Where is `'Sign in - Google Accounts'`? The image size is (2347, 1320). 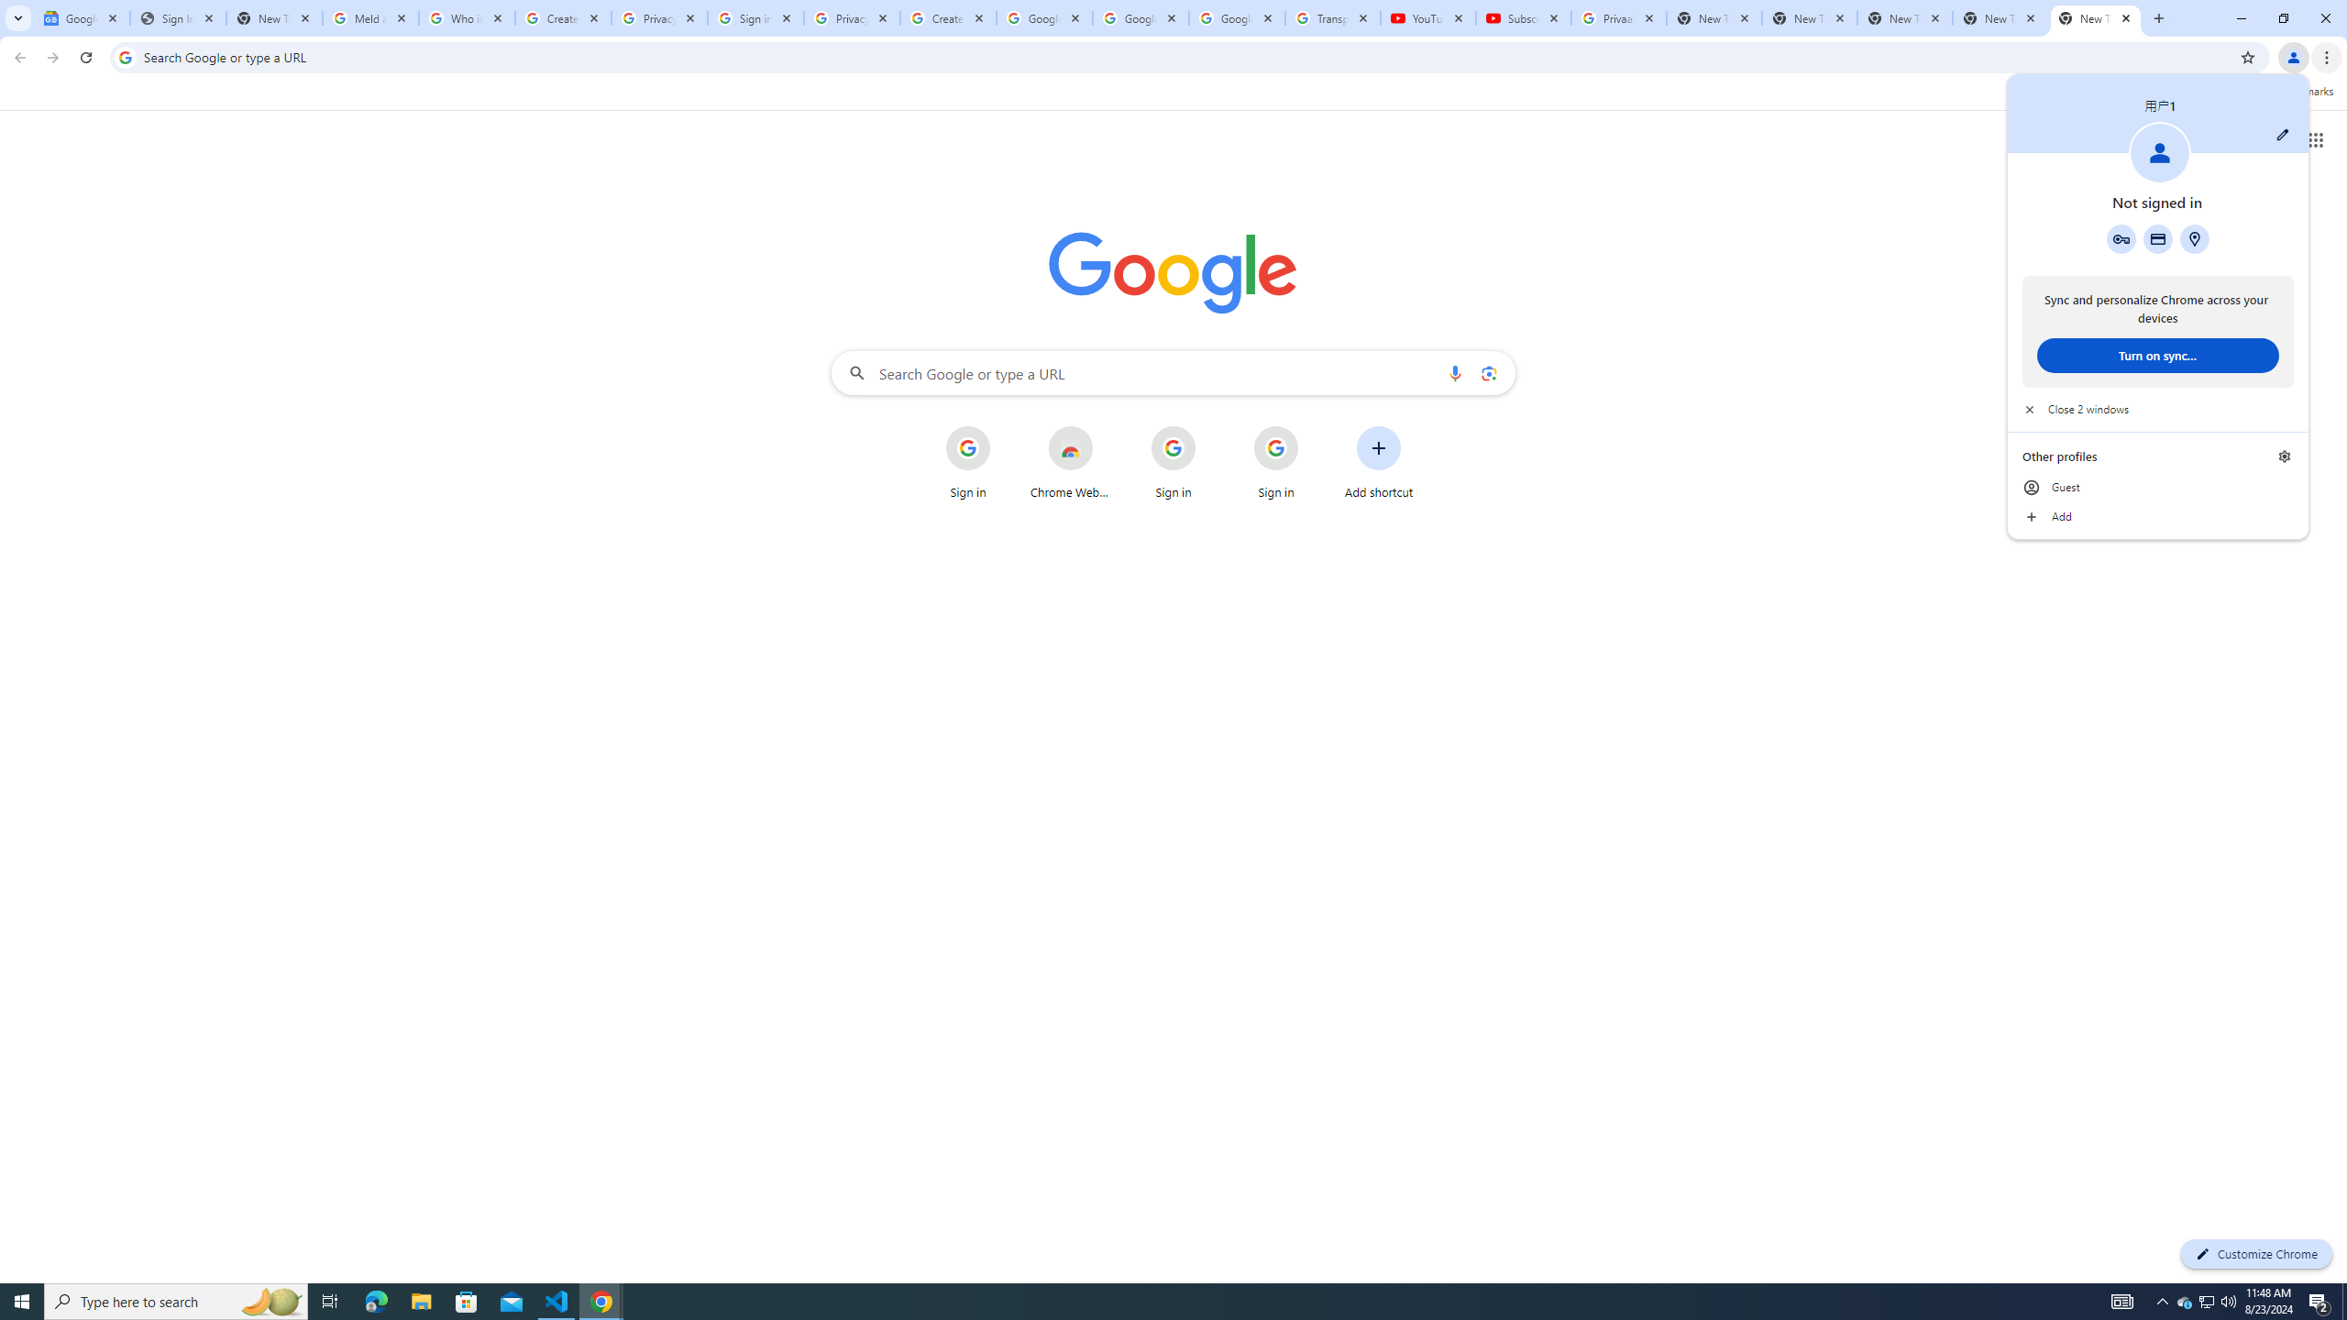
'Sign in - Google Accounts' is located at coordinates (755, 17).